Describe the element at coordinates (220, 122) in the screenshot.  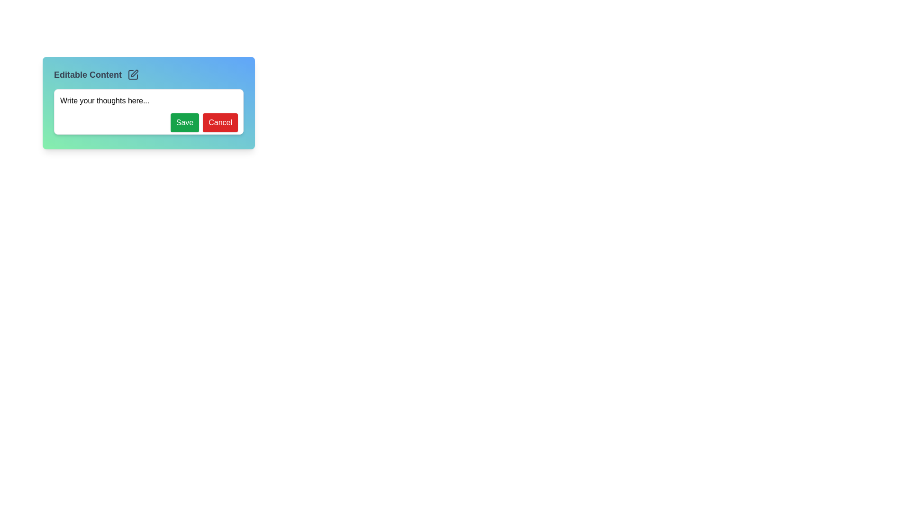
I see `the 'Cancel' button, which is a rectangular button with a red background and white text` at that location.